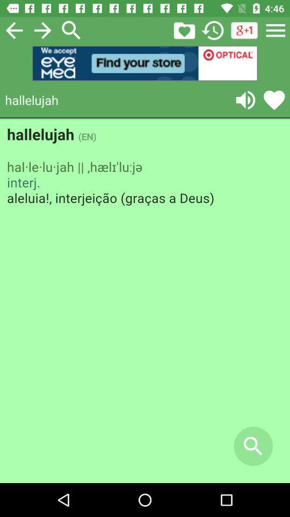  I want to click on previous page, so click(13, 30).